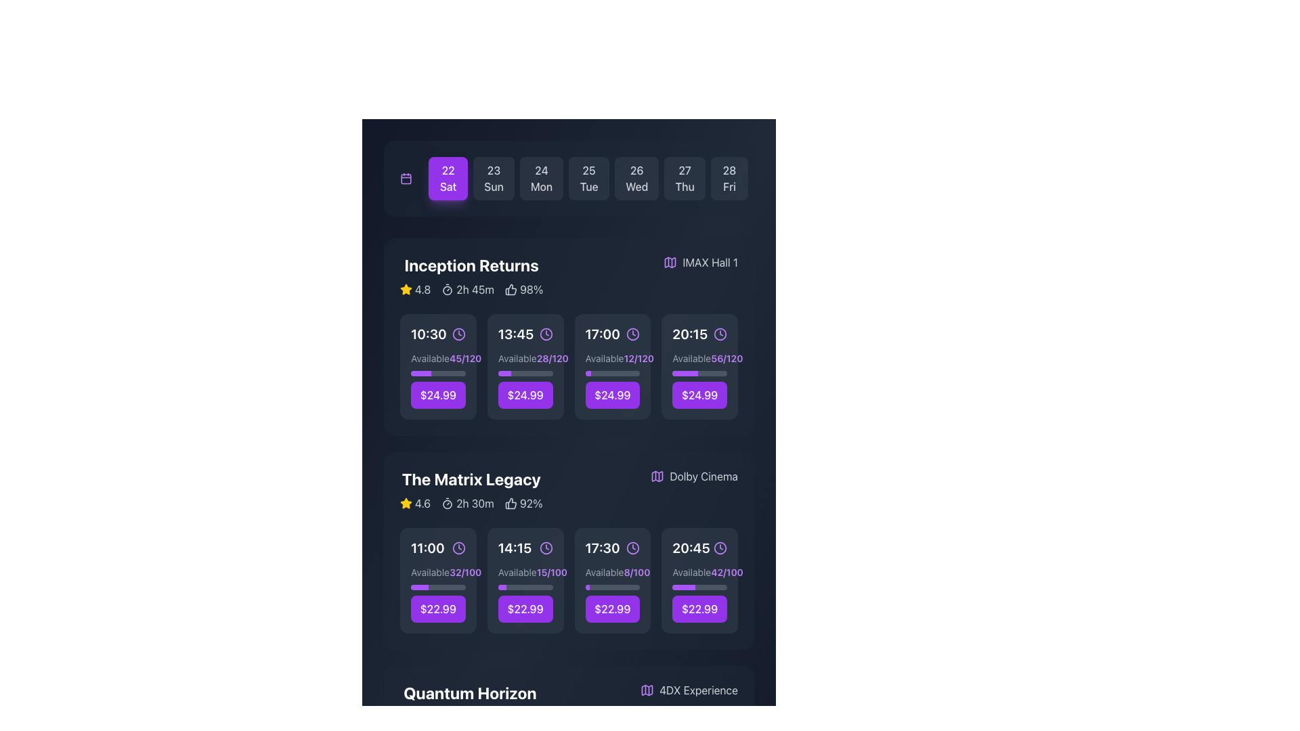 The image size is (1300, 731). What do you see at coordinates (438, 373) in the screenshot?
I see `the horizontal progress bar with a gray background and a purple foreground, located beneath the text 'Available 45/120' and above the '$24.99' button in the movie information card for 'Inception Returns'` at bounding box center [438, 373].